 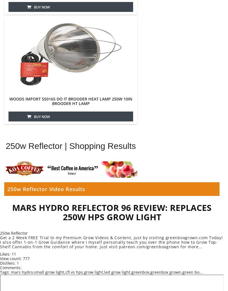 What do you see at coordinates (0, 263) in the screenshot?
I see `'Dislikes: 1'` at bounding box center [0, 263].